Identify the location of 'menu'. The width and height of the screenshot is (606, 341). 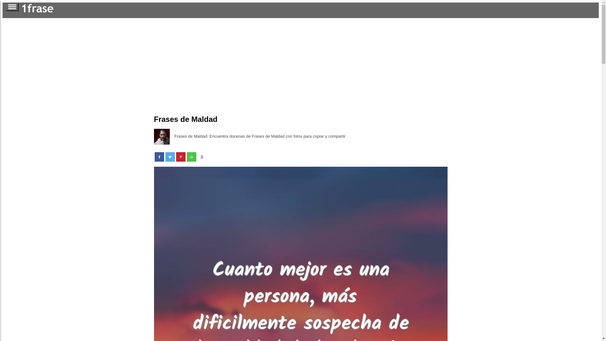
(12, 7).